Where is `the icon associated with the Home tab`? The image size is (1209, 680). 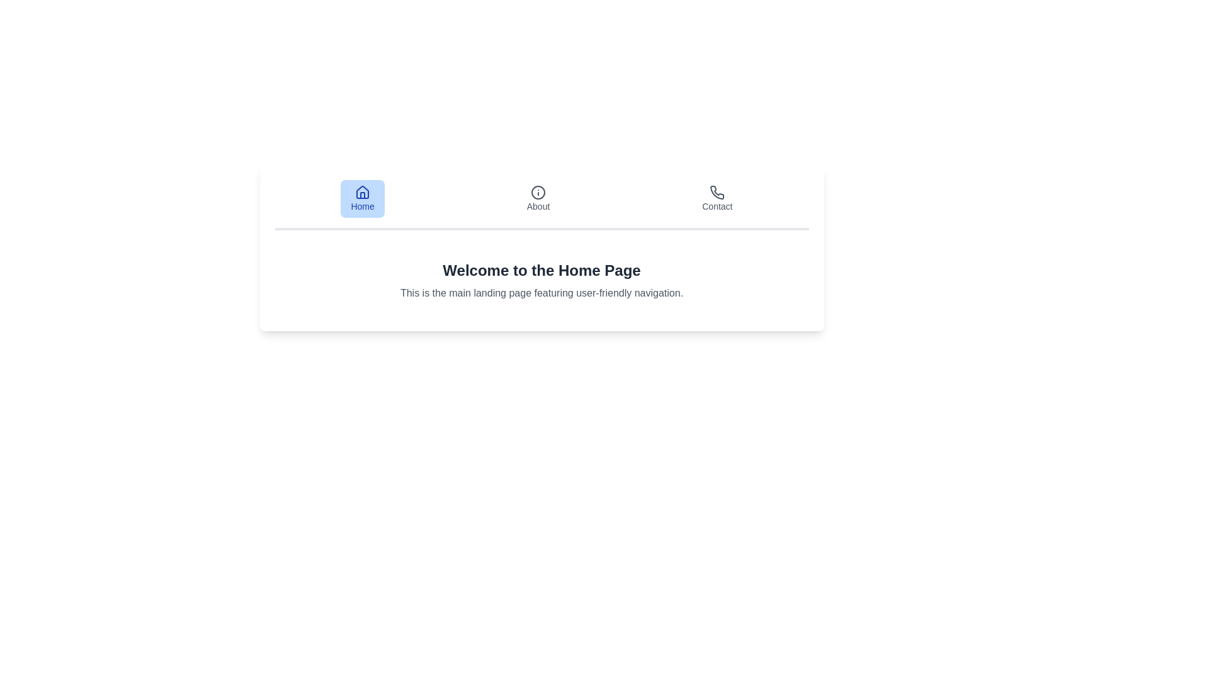
the icon associated with the Home tab is located at coordinates (362, 192).